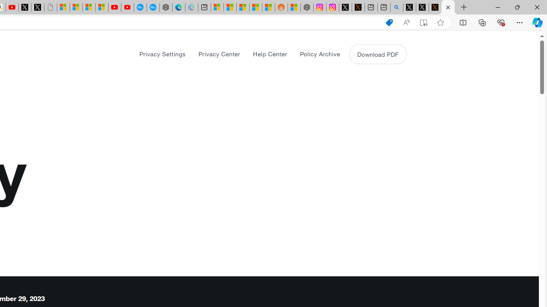 This screenshot has height=307, width=547. What do you see at coordinates (358, 7) in the screenshot?
I see `'help.x.com | 524: A timeout occurred'` at bounding box center [358, 7].